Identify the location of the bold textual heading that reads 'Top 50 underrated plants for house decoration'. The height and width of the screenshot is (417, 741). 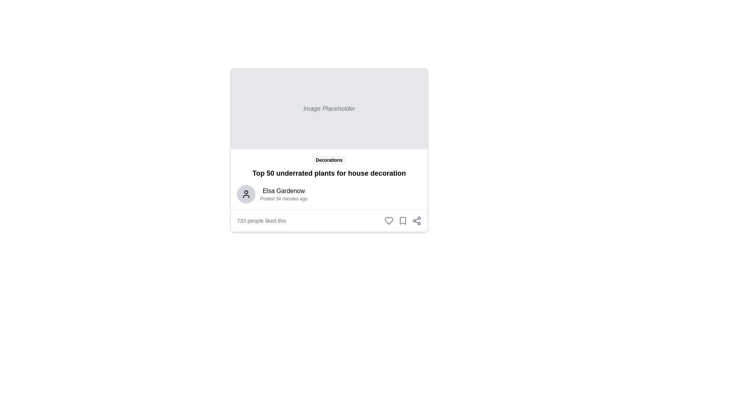
(329, 173).